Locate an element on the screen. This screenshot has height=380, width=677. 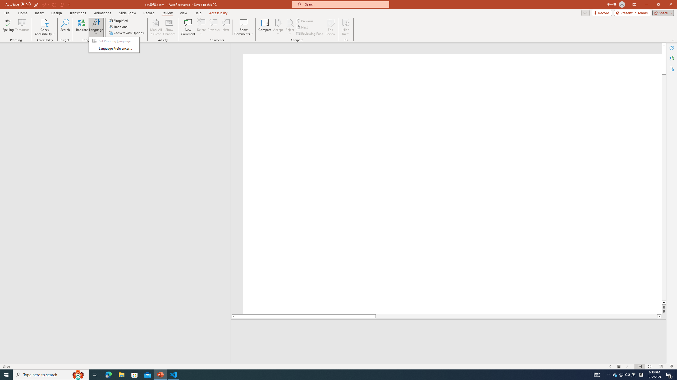
'Reviewing Pane' is located at coordinates (310, 34).